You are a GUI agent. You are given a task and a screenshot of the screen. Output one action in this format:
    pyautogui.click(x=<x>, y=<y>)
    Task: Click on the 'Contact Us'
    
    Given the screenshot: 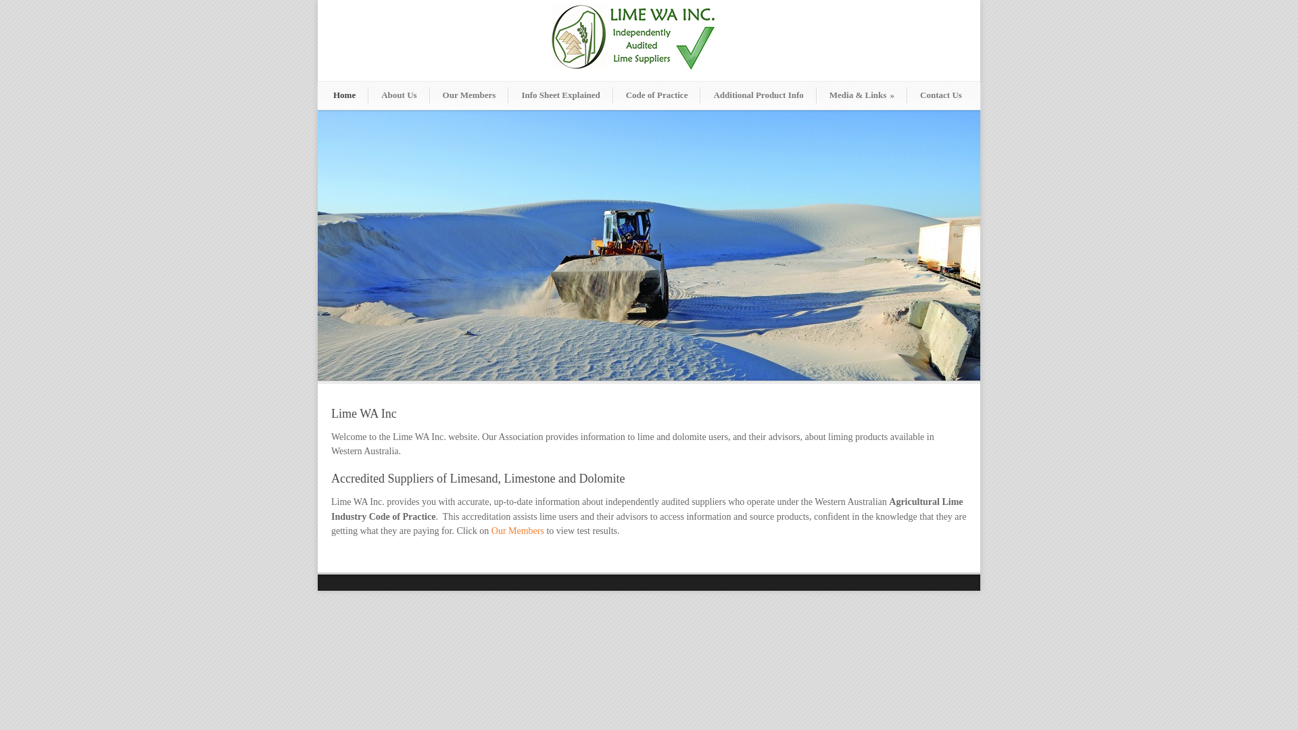 What is the action you would take?
    pyautogui.click(x=940, y=95)
    